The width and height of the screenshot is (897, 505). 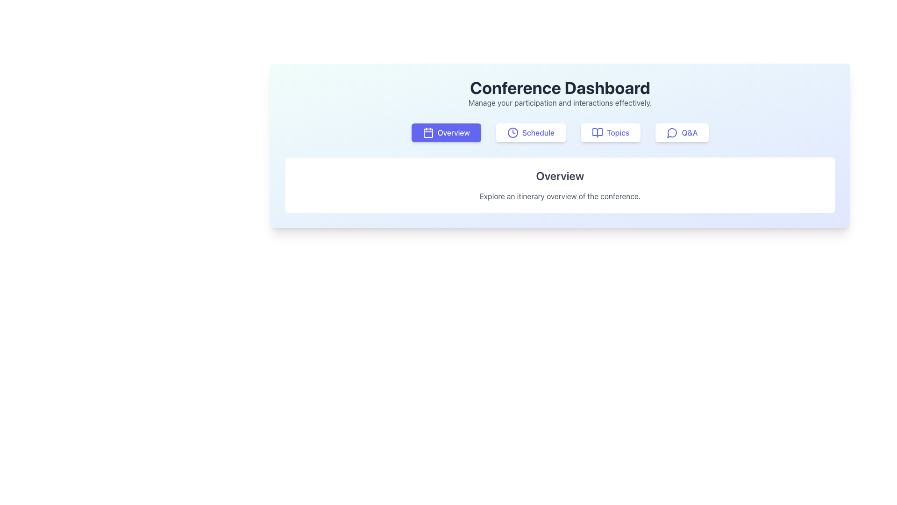 What do you see at coordinates (454, 133) in the screenshot?
I see `the text 'Overview' which is centrally located within the blue button labeled 'Overview', serving as a navigation option` at bounding box center [454, 133].